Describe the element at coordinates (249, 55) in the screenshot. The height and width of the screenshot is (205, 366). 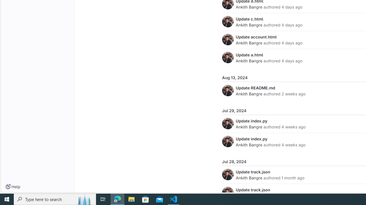
I see `'Update a.html'` at that location.